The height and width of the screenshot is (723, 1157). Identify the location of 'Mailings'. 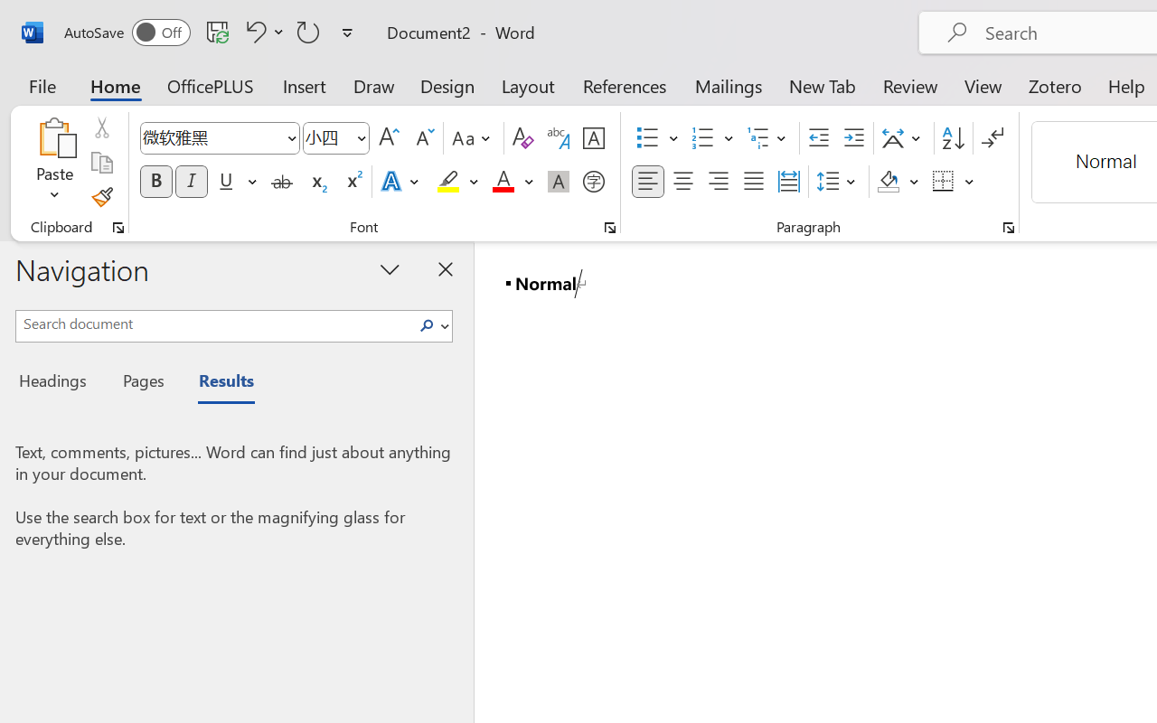
(729, 85).